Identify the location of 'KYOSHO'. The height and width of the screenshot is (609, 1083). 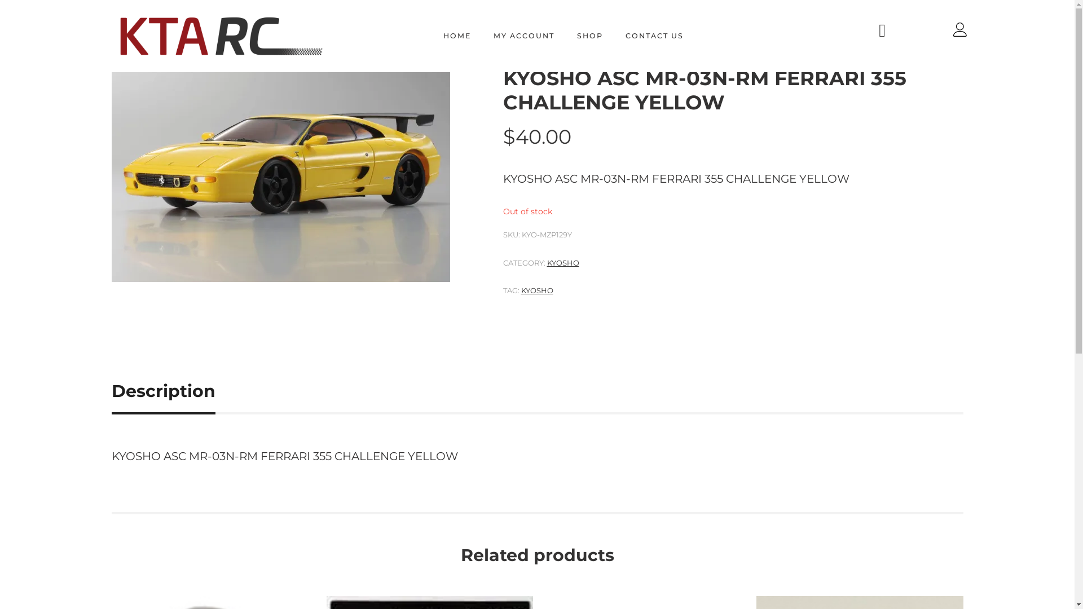
(629, 45).